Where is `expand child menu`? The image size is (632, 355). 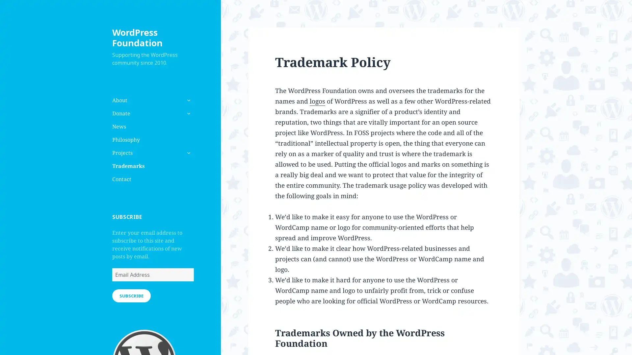
expand child menu is located at coordinates (188, 100).